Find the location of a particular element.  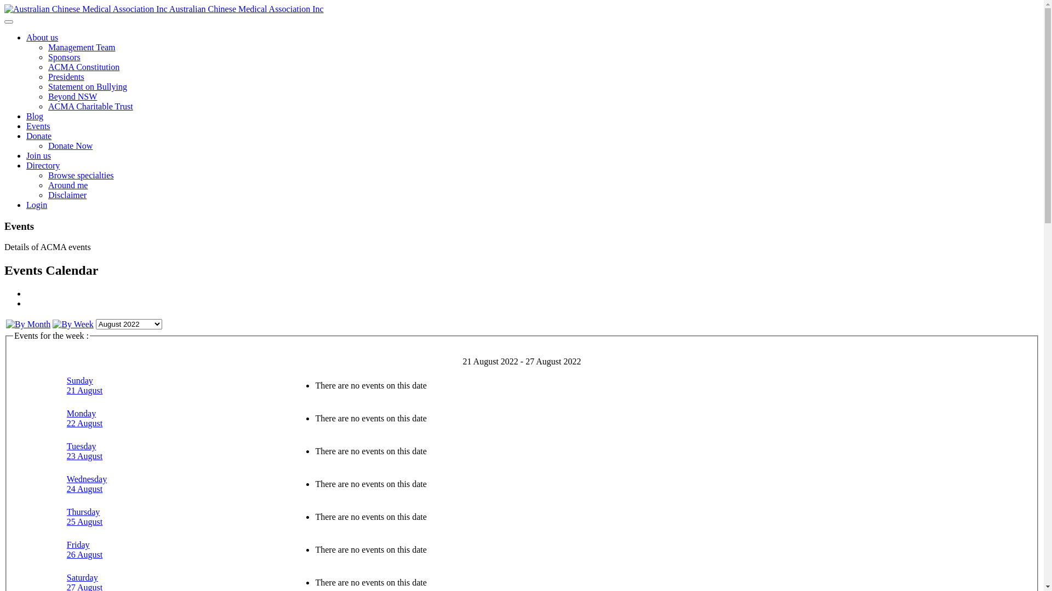

'Browse specialties' is located at coordinates (81, 175).